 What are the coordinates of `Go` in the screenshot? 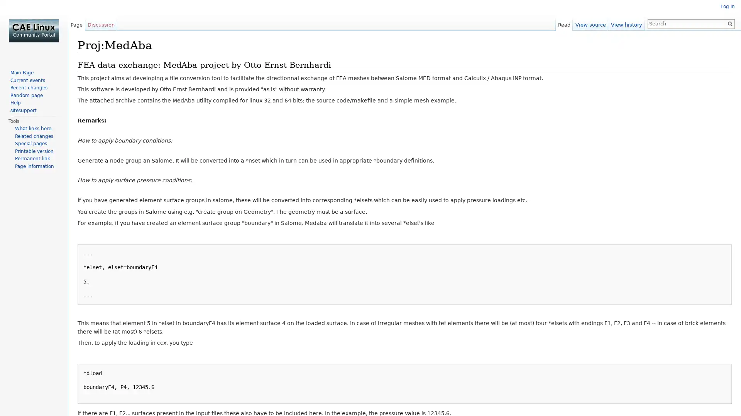 It's located at (729, 23).